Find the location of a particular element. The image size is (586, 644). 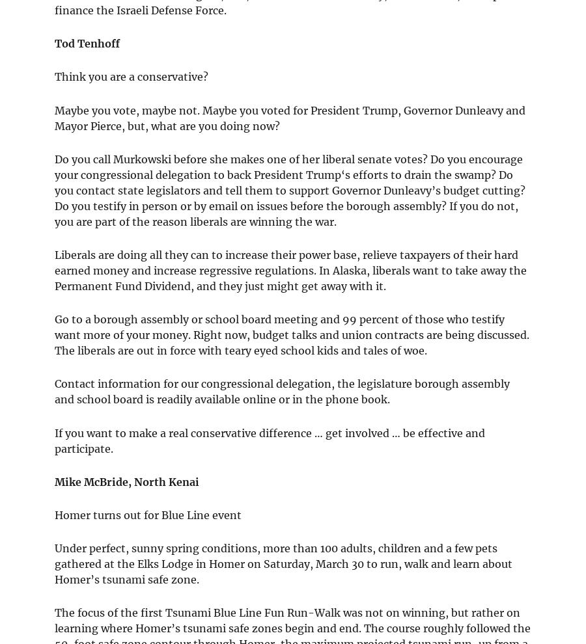

'Tod Tenhoff' is located at coordinates (87, 44).